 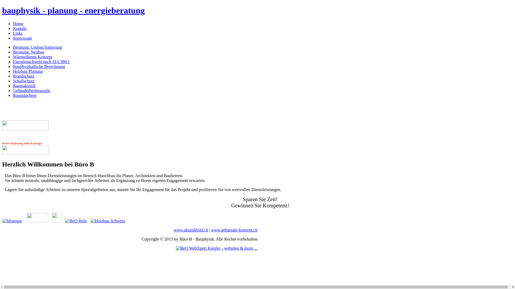 What do you see at coordinates (106, 221) in the screenshot?
I see `'Holzbau Schweiz'` at bounding box center [106, 221].